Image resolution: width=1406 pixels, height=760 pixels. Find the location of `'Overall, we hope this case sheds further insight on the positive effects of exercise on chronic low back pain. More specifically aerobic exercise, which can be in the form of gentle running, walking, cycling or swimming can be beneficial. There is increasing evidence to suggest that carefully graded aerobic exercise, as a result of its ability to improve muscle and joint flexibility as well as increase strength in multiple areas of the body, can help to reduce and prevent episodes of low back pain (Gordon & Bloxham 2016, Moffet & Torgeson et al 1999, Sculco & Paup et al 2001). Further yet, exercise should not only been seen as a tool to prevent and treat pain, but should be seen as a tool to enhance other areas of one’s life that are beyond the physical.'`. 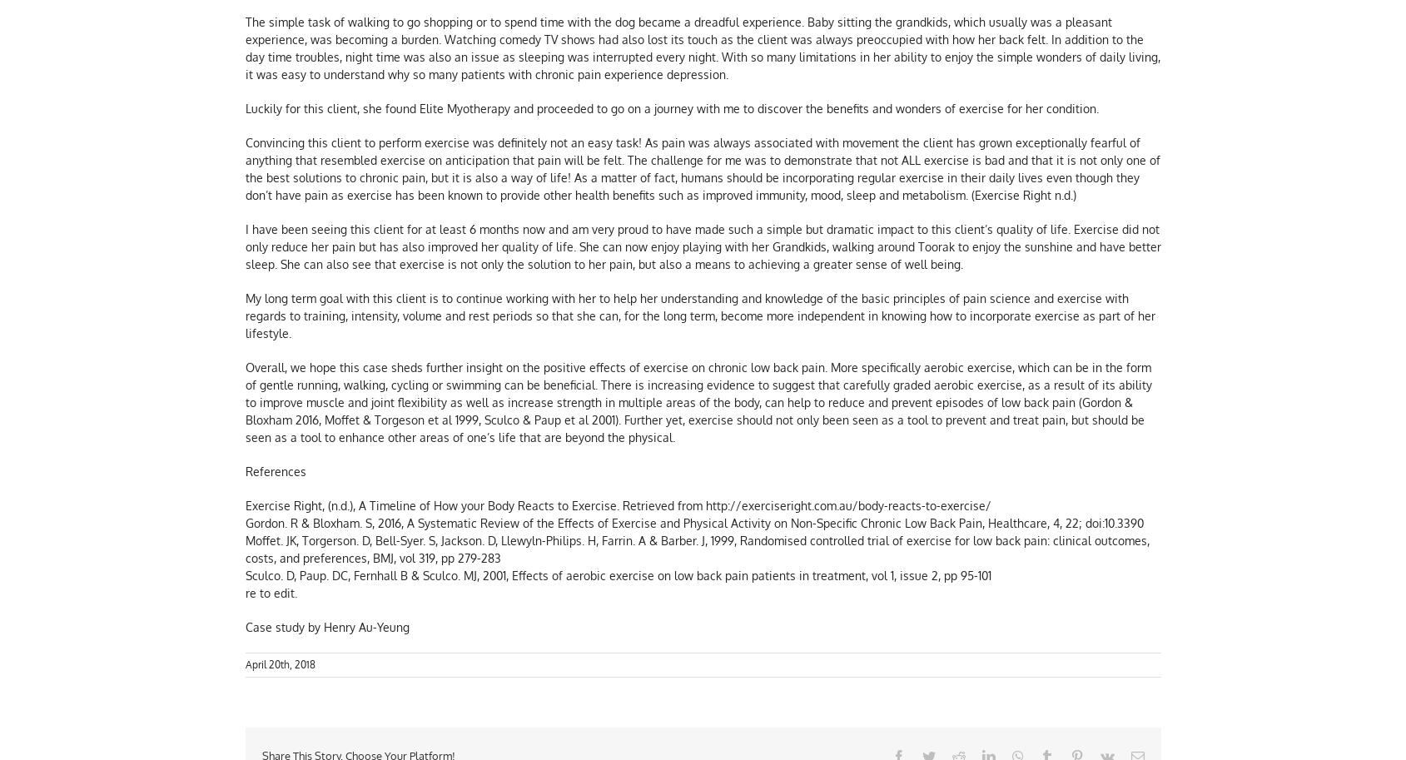

'Overall, we hope this case sheds further insight on the positive effects of exercise on chronic low back pain. More specifically aerobic exercise, which can be in the form of gentle running, walking, cycling or swimming can be beneficial. There is increasing evidence to suggest that carefully graded aerobic exercise, as a result of its ability to improve muscle and joint flexibility as well as increase strength in multiple areas of the body, can help to reduce and prevent episodes of low back pain (Gordon & Bloxham 2016, Moffet & Torgeson et al 1999, Sculco & Paup et al 2001). Further yet, exercise should not only been seen as a tool to prevent and treat pain, but should be seen as a tool to enhance other areas of one’s life that are beyond the physical.' is located at coordinates (697, 404).